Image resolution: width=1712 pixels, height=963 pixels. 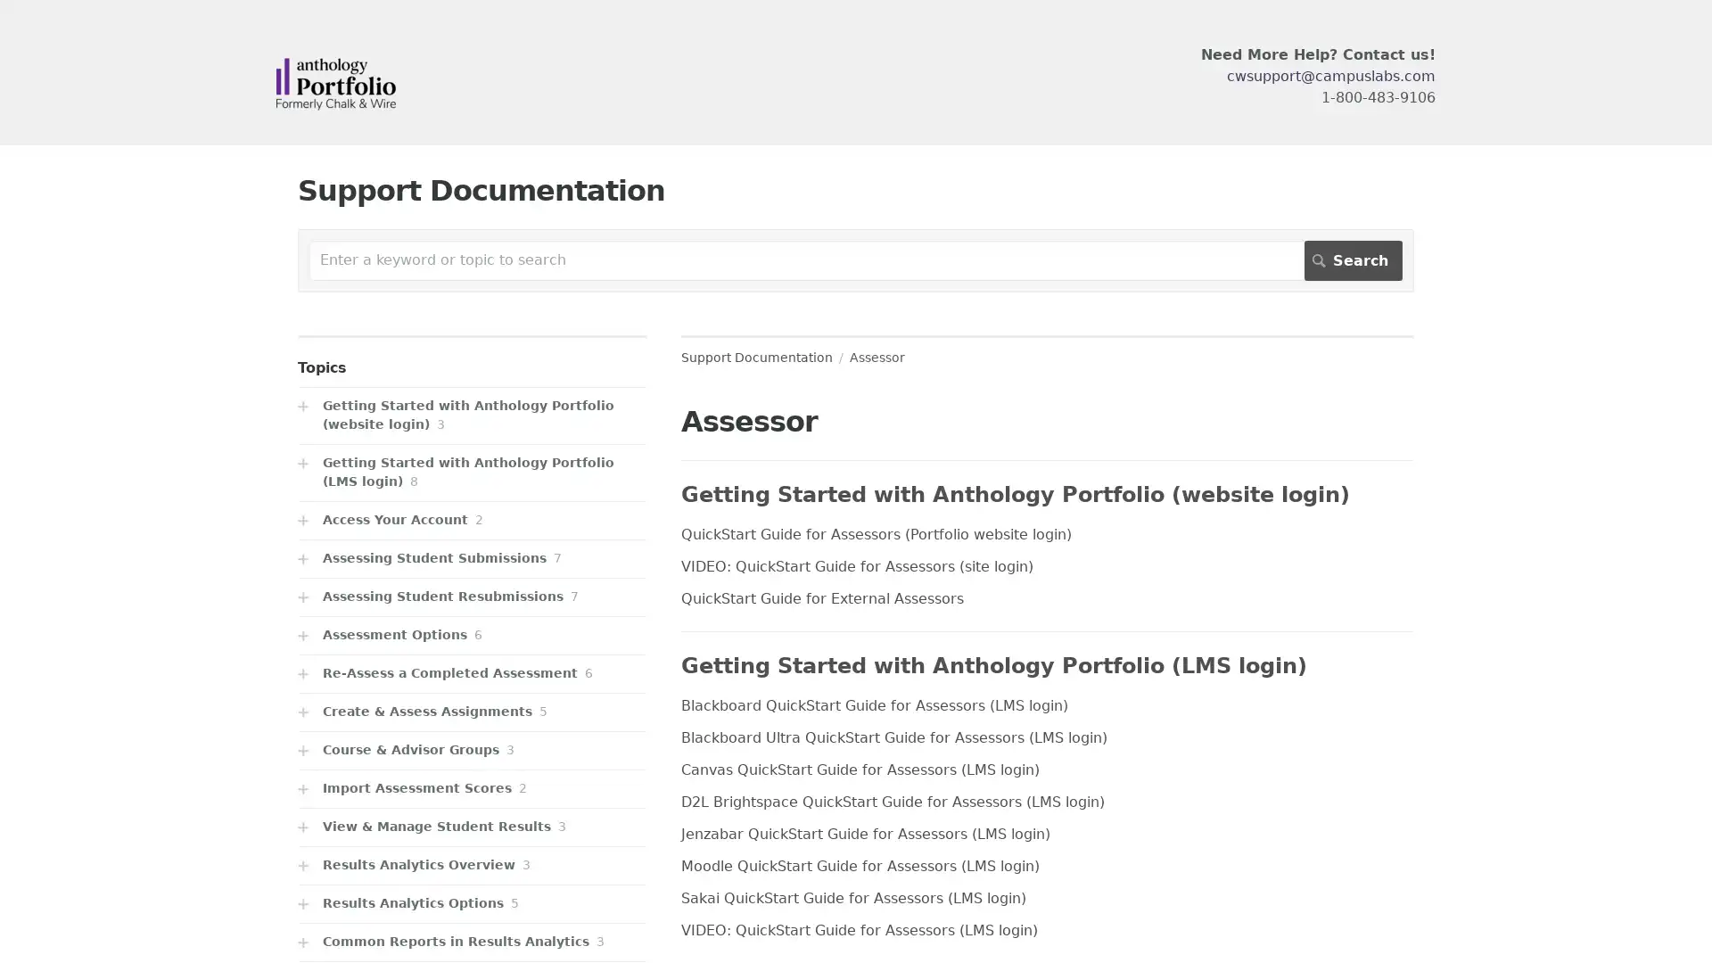 What do you see at coordinates (472, 864) in the screenshot?
I see `Results Analytics Overview 3` at bounding box center [472, 864].